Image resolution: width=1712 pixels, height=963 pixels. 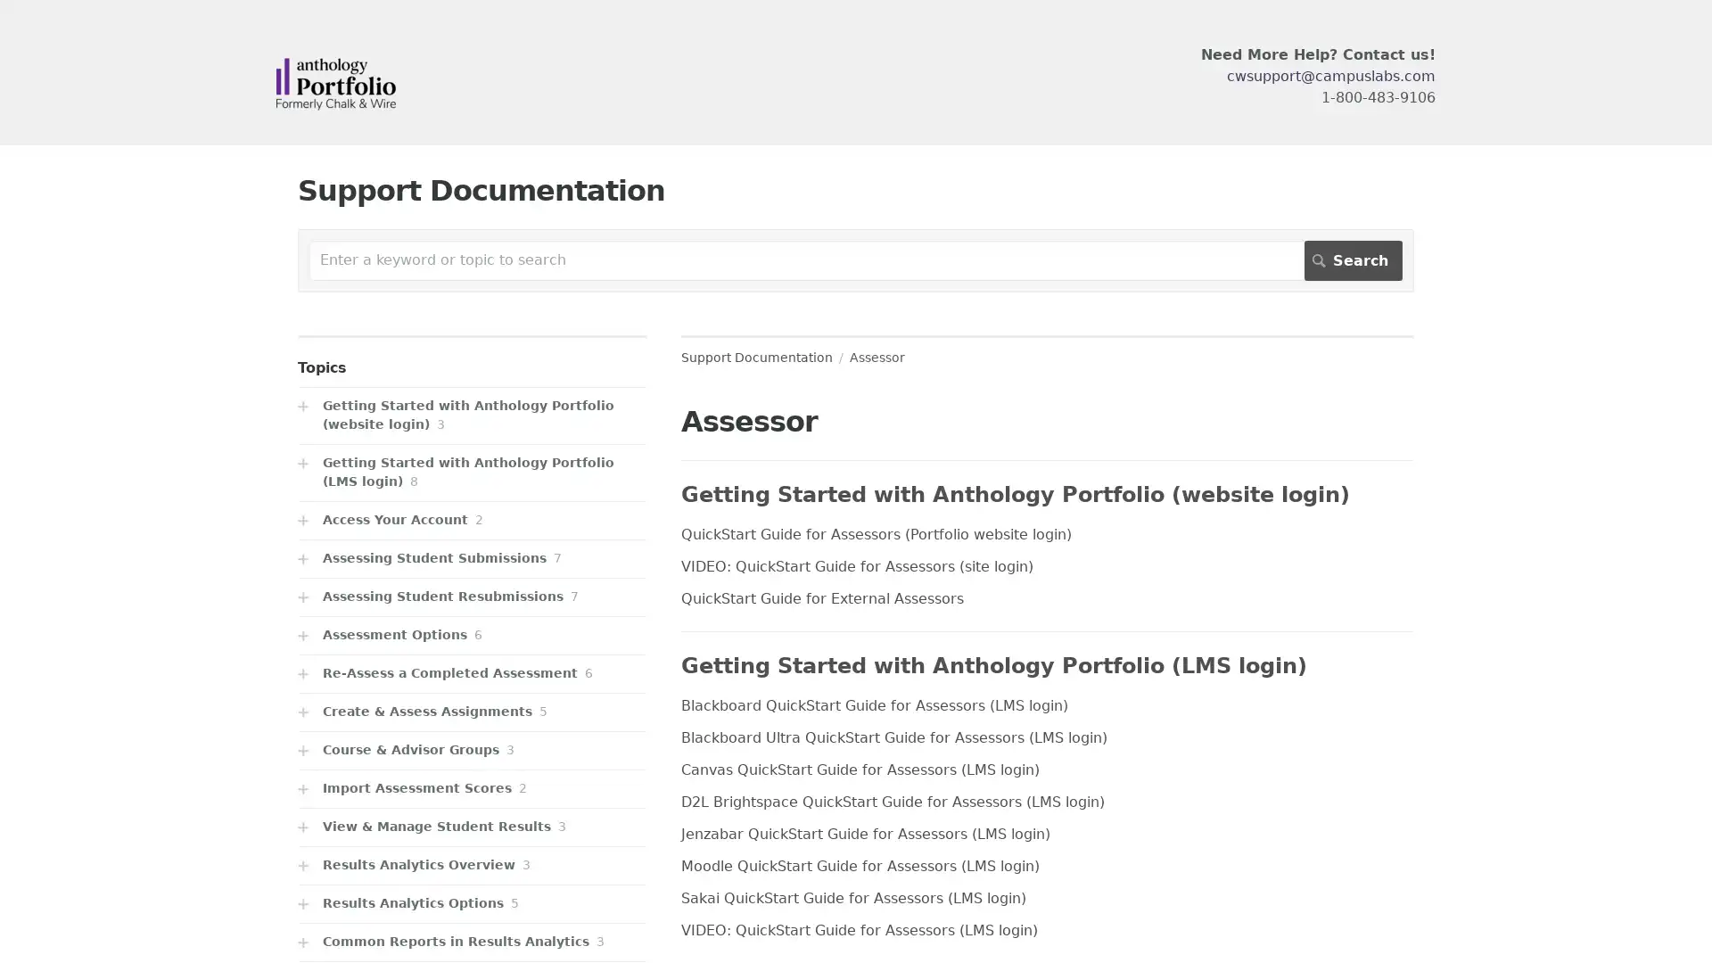 What do you see at coordinates (472, 864) in the screenshot?
I see `Results Analytics Overview 3` at bounding box center [472, 864].